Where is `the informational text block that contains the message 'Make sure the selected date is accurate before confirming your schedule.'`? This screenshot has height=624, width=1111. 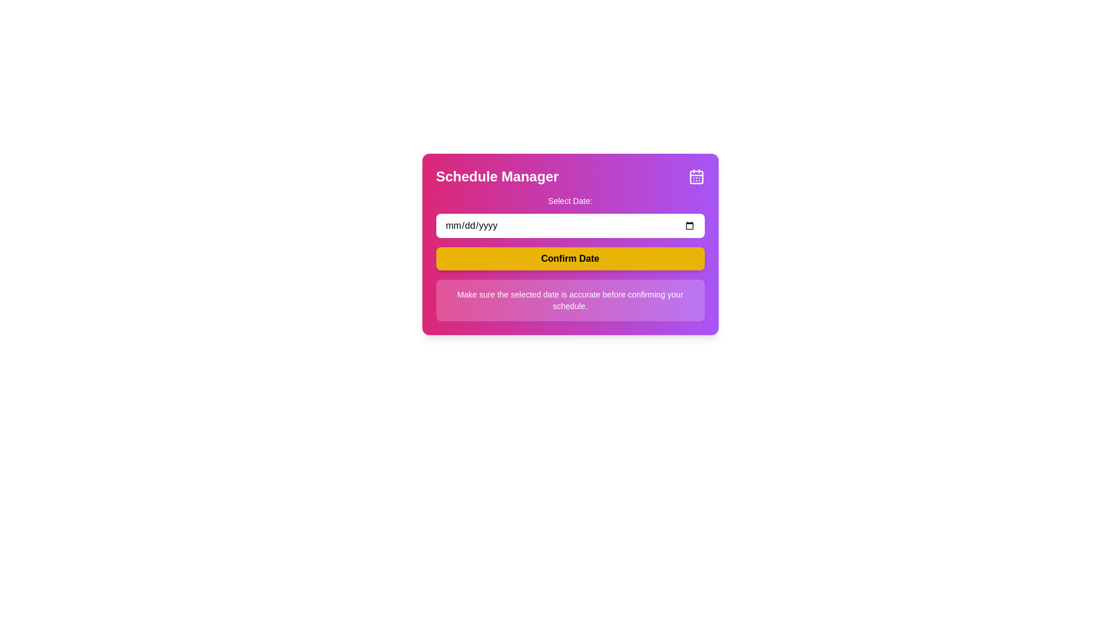 the informational text block that contains the message 'Make sure the selected date is accurate before confirming your schedule.' is located at coordinates (570, 300).